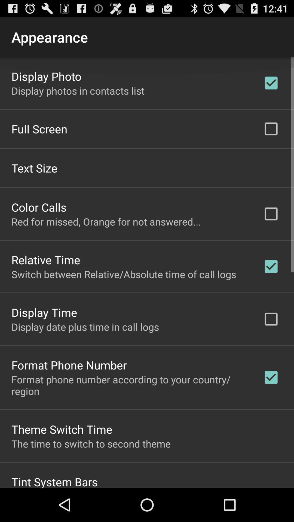 This screenshot has width=294, height=522. Describe the element at coordinates (39, 207) in the screenshot. I see `the color calls item` at that location.